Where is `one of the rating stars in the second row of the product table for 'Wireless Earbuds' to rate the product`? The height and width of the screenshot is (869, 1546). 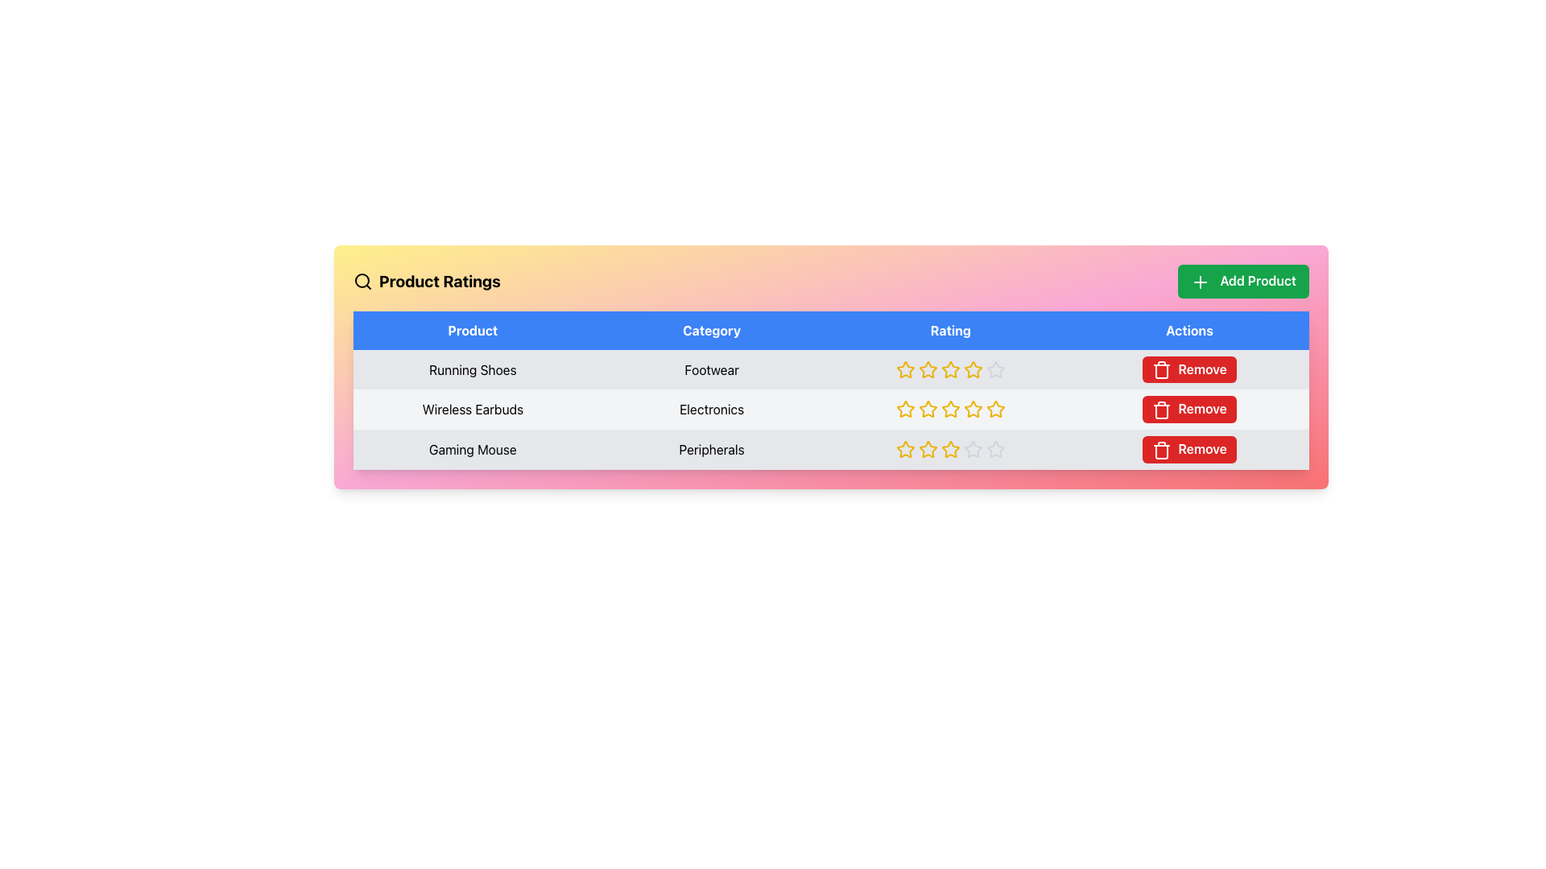 one of the rating stars in the second row of the product table for 'Wireless Earbuds' to rate the product is located at coordinates (831, 409).